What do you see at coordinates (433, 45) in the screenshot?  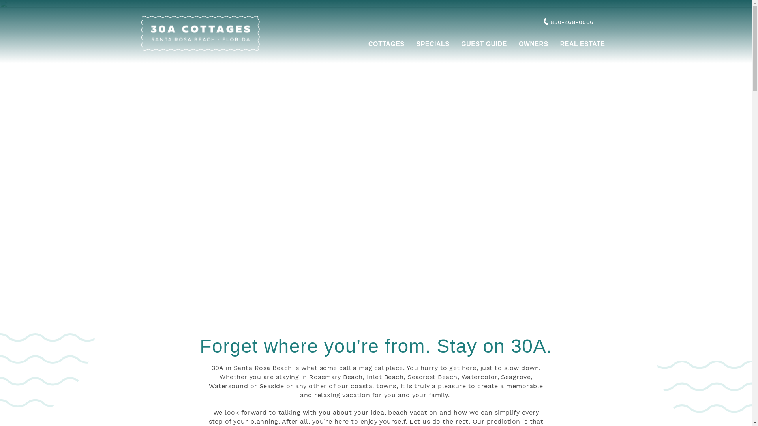 I see `'SPECIALS'` at bounding box center [433, 45].